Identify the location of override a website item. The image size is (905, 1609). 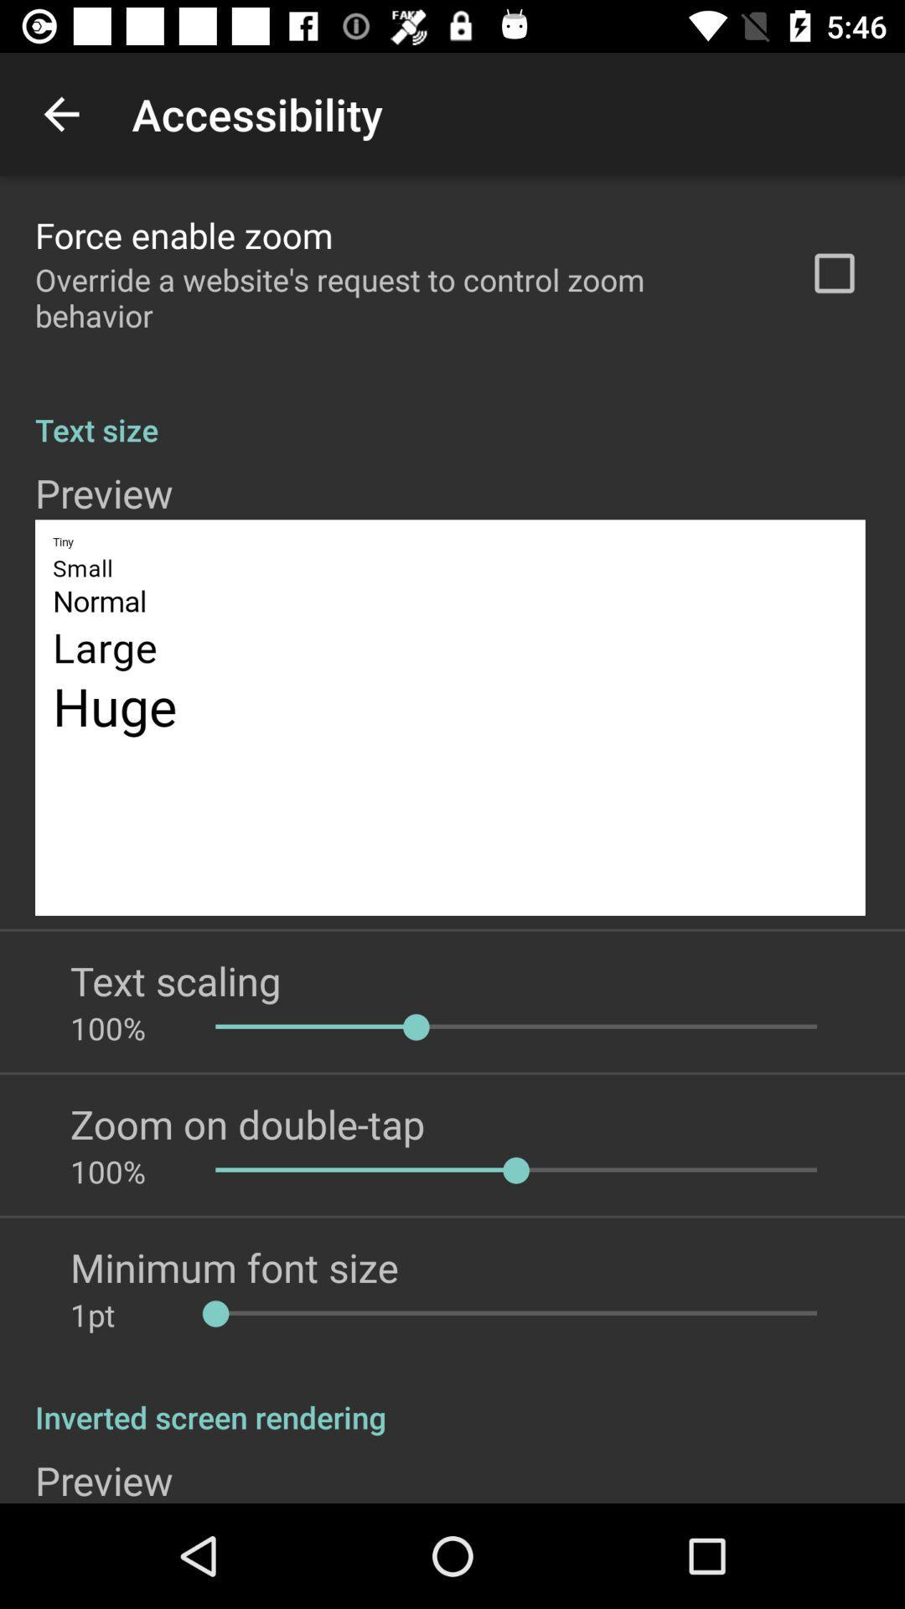
(400, 297).